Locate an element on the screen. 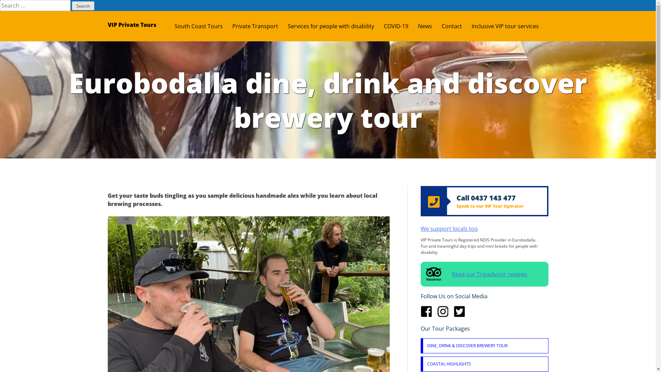 The image size is (661, 372). 'News' is located at coordinates (429, 26).